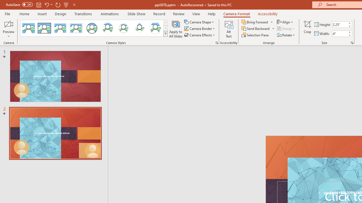  What do you see at coordinates (285, 22) in the screenshot?
I see `'Align'` at bounding box center [285, 22].